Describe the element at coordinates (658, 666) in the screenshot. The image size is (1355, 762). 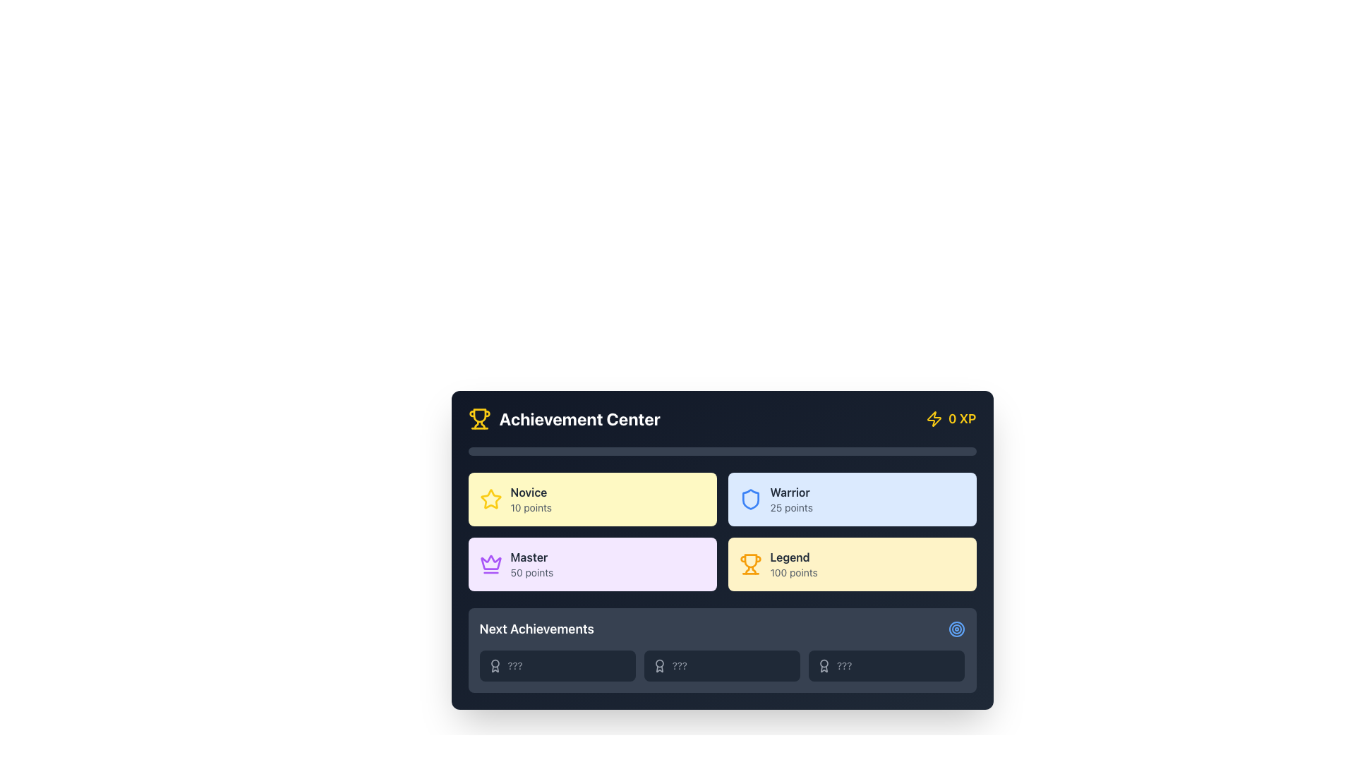
I see `the circular award icon located as the second item in the horizontal row under 'Next Achievements', which has a gray color scheme and is flanked by two similar icons` at that location.